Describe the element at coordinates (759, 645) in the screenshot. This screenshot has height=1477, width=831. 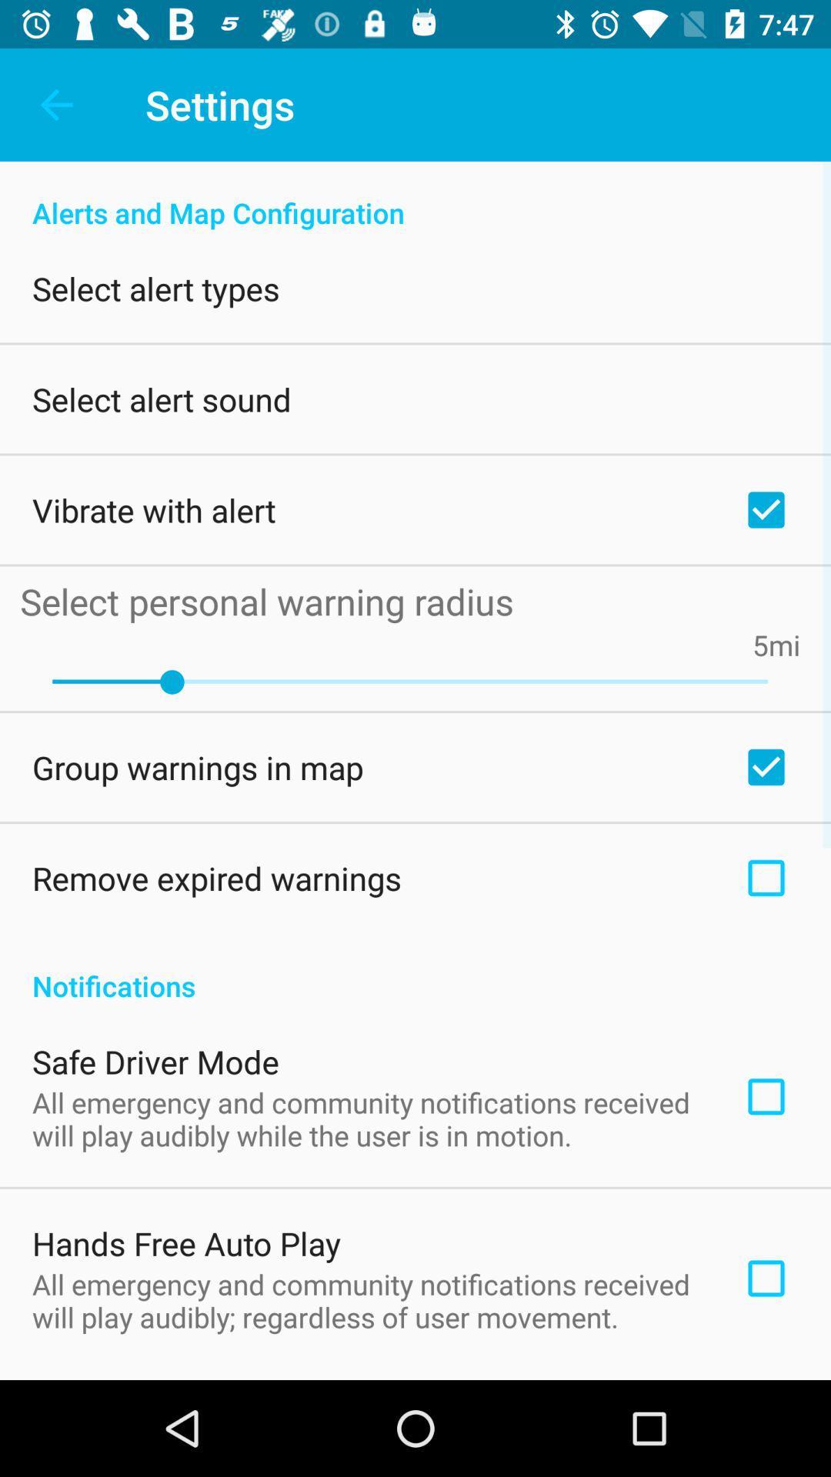
I see `the 5 item` at that location.